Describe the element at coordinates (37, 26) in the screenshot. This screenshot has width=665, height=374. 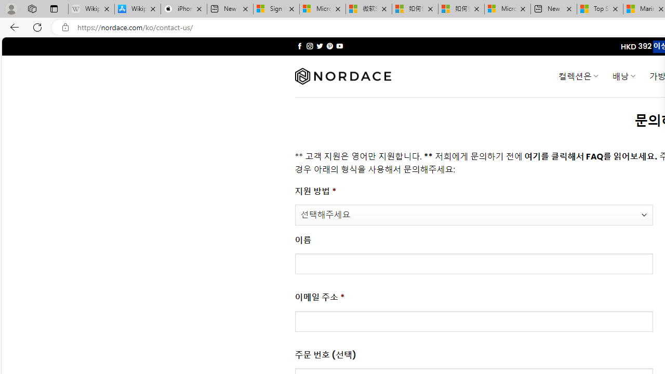
I see `'Refresh'` at that location.